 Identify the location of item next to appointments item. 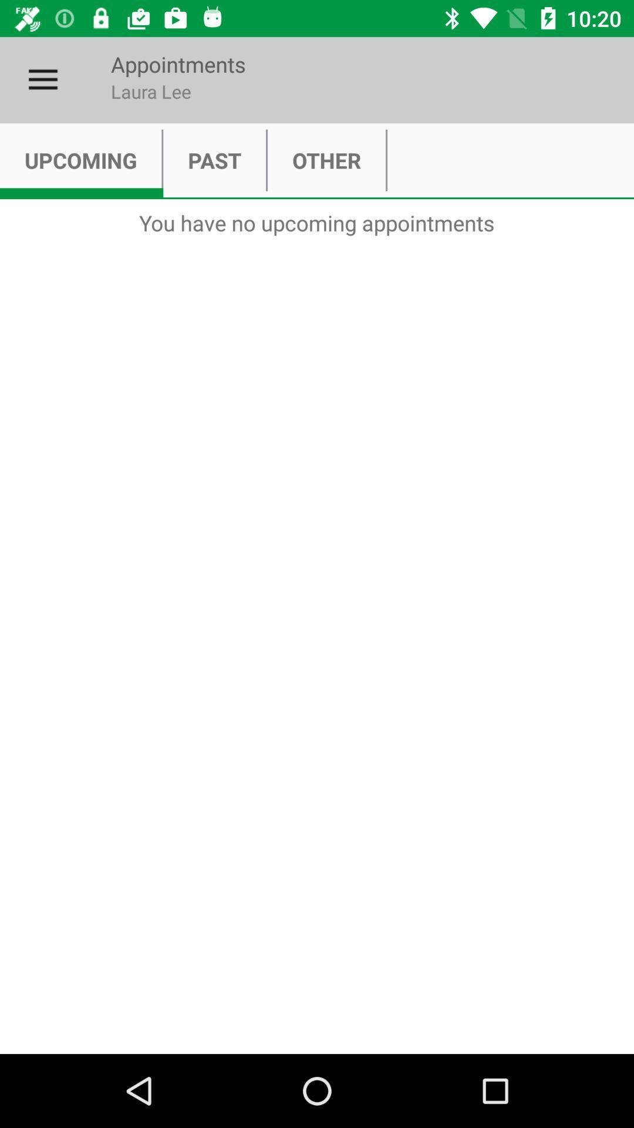
(42, 79).